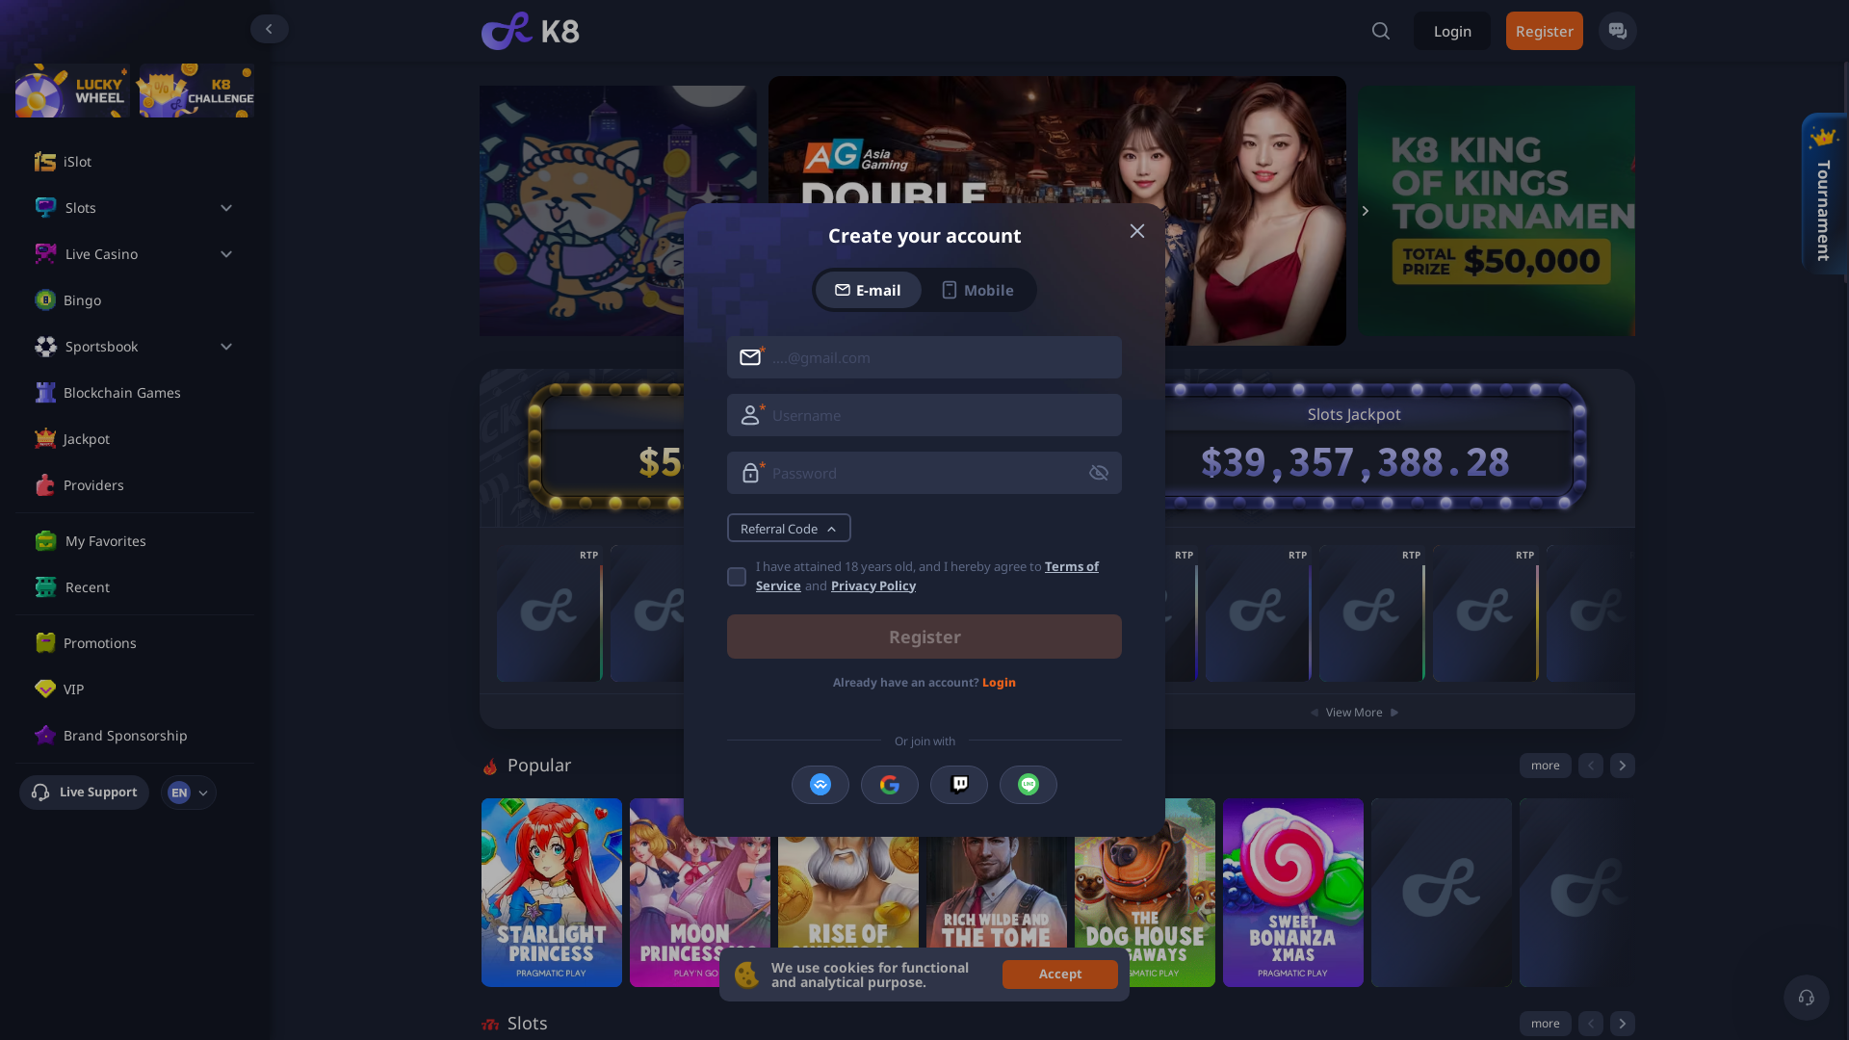  What do you see at coordinates (147, 161) in the screenshot?
I see `'iSlot'` at bounding box center [147, 161].